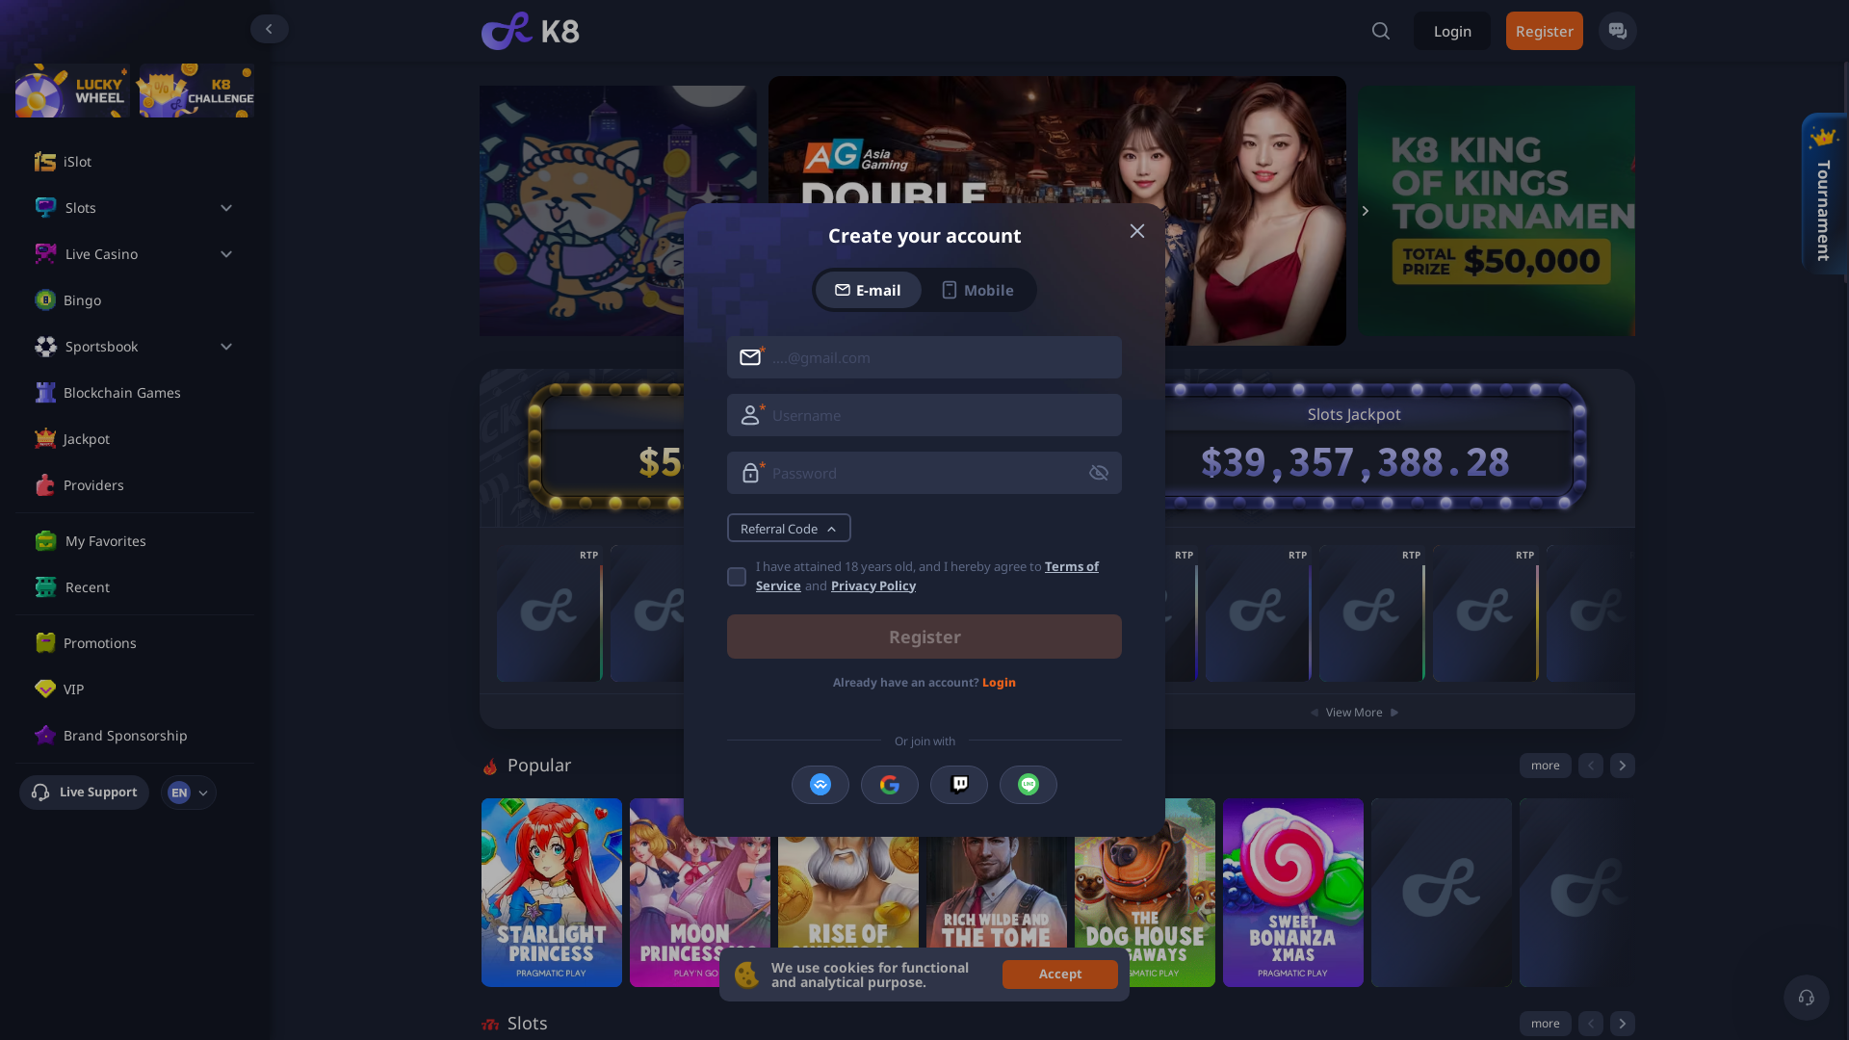  What do you see at coordinates (147, 161) in the screenshot?
I see `'iSlot'` at bounding box center [147, 161].